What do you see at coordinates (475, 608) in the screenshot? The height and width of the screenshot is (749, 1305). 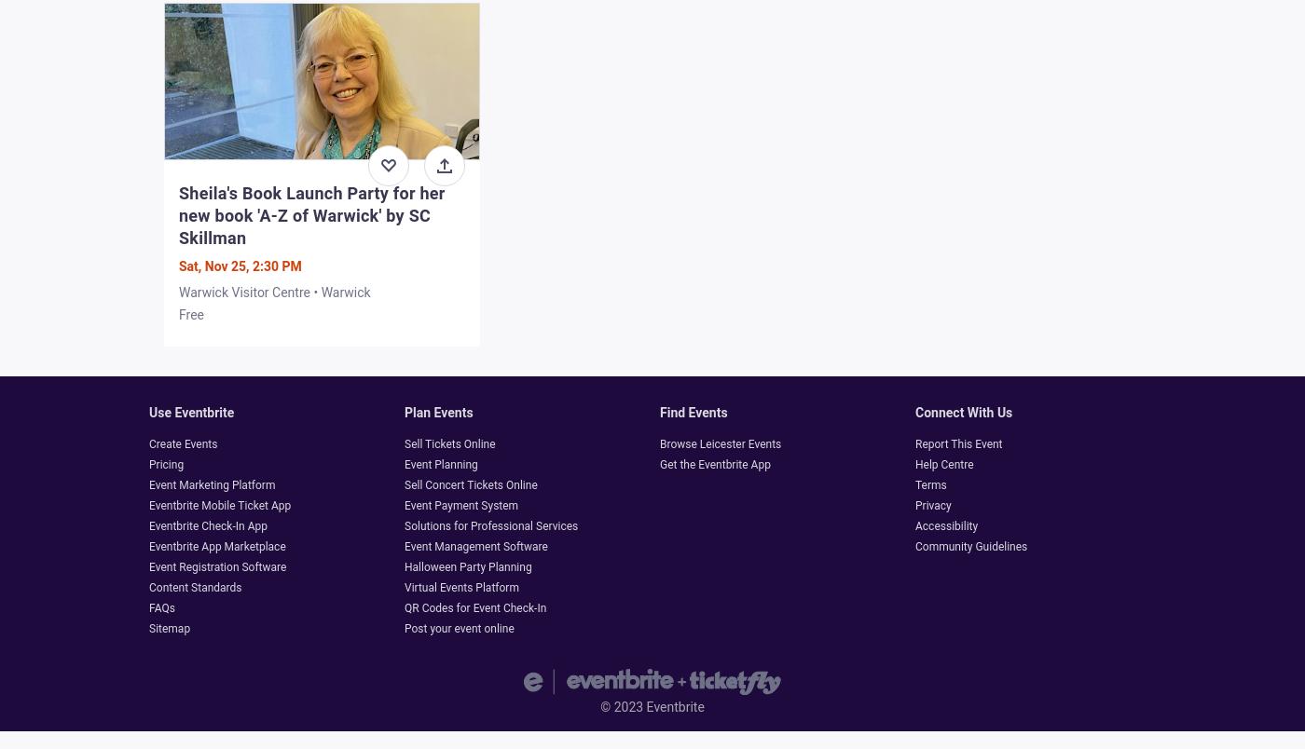 I see `'QR Codes for Event Check-In'` at bounding box center [475, 608].